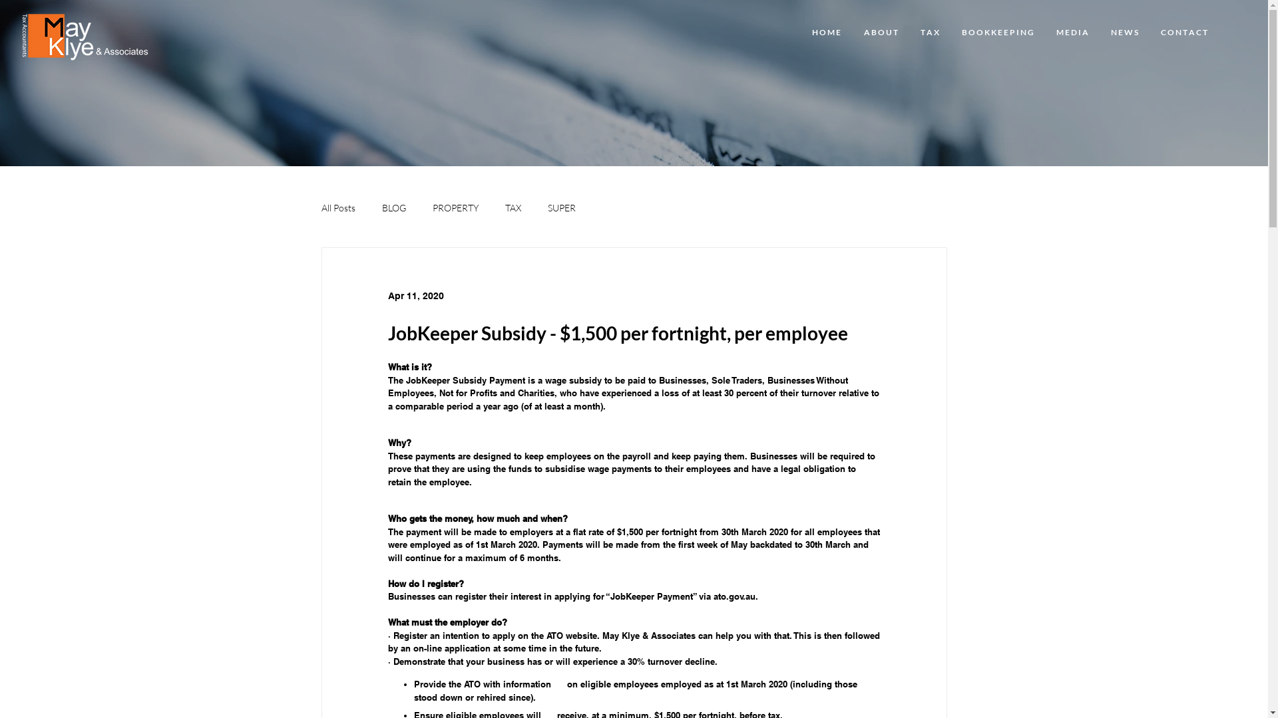 The image size is (1278, 718). What do you see at coordinates (511, 207) in the screenshot?
I see `'TAX'` at bounding box center [511, 207].